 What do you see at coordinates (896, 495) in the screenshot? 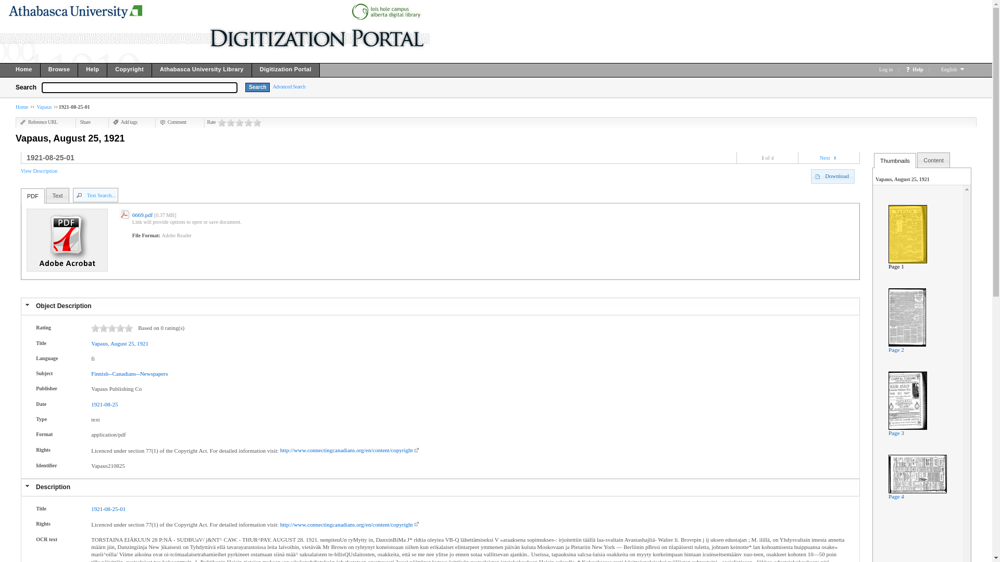
I see `'Page 4'` at bounding box center [896, 495].